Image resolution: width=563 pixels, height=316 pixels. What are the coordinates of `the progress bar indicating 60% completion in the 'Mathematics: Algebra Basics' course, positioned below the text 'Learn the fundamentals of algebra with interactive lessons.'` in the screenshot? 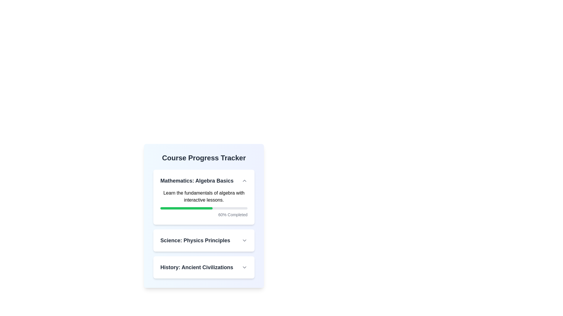 It's located at (204, 208).